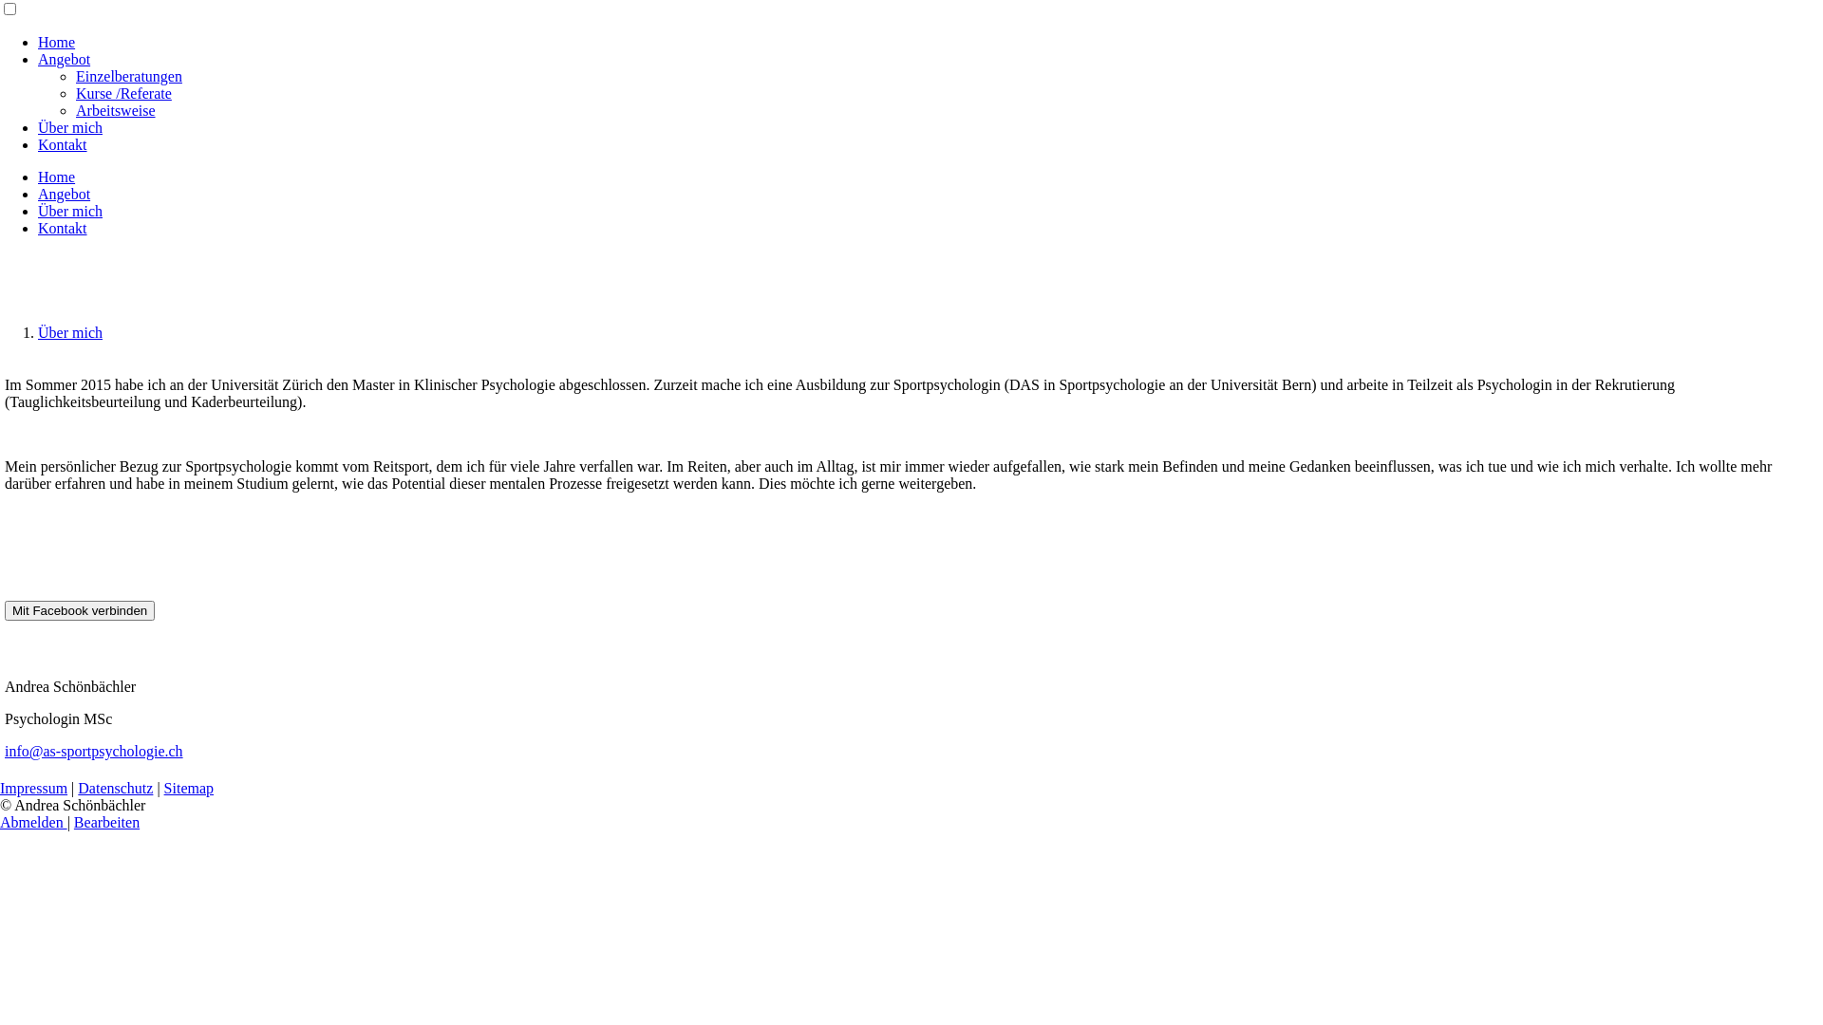 The width and height of the screenshot is (1823, 1025). What do you see at coordinates (114, 110) in the screenshot?
I see `'Arbeitsweise'` at bounding box center [114, 110].